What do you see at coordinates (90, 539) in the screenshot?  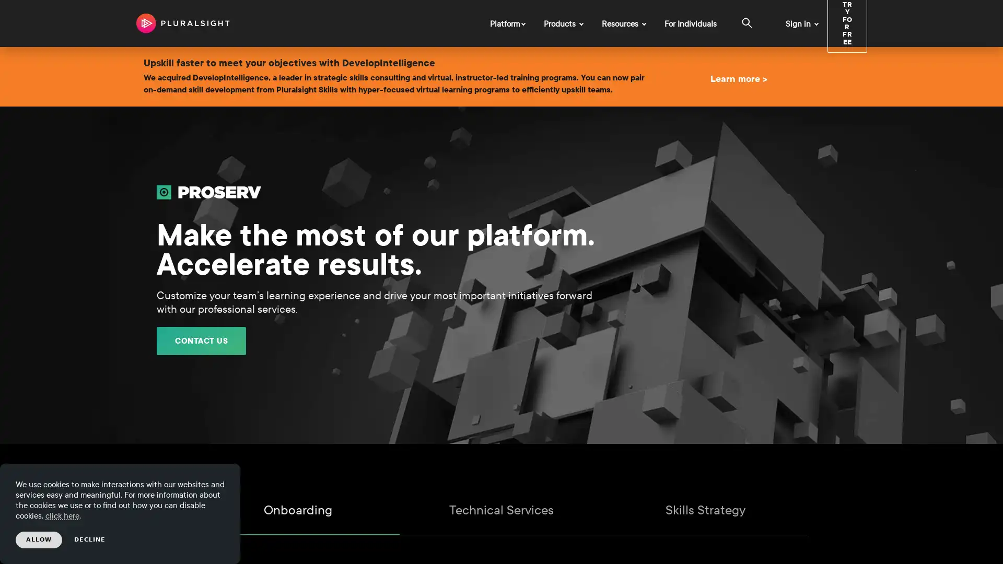 I see `DECLINE` at bounding box center [90, 539].